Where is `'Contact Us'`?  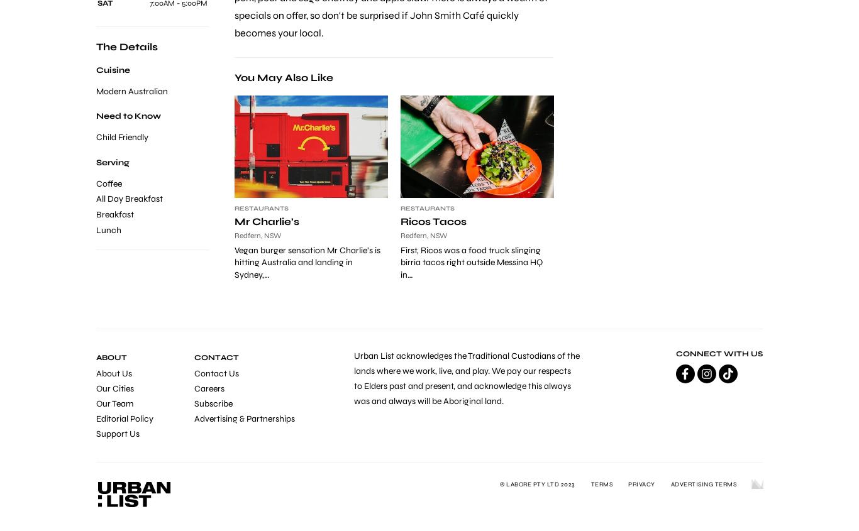
'Contact Us' is located at coordinates (215, 373).